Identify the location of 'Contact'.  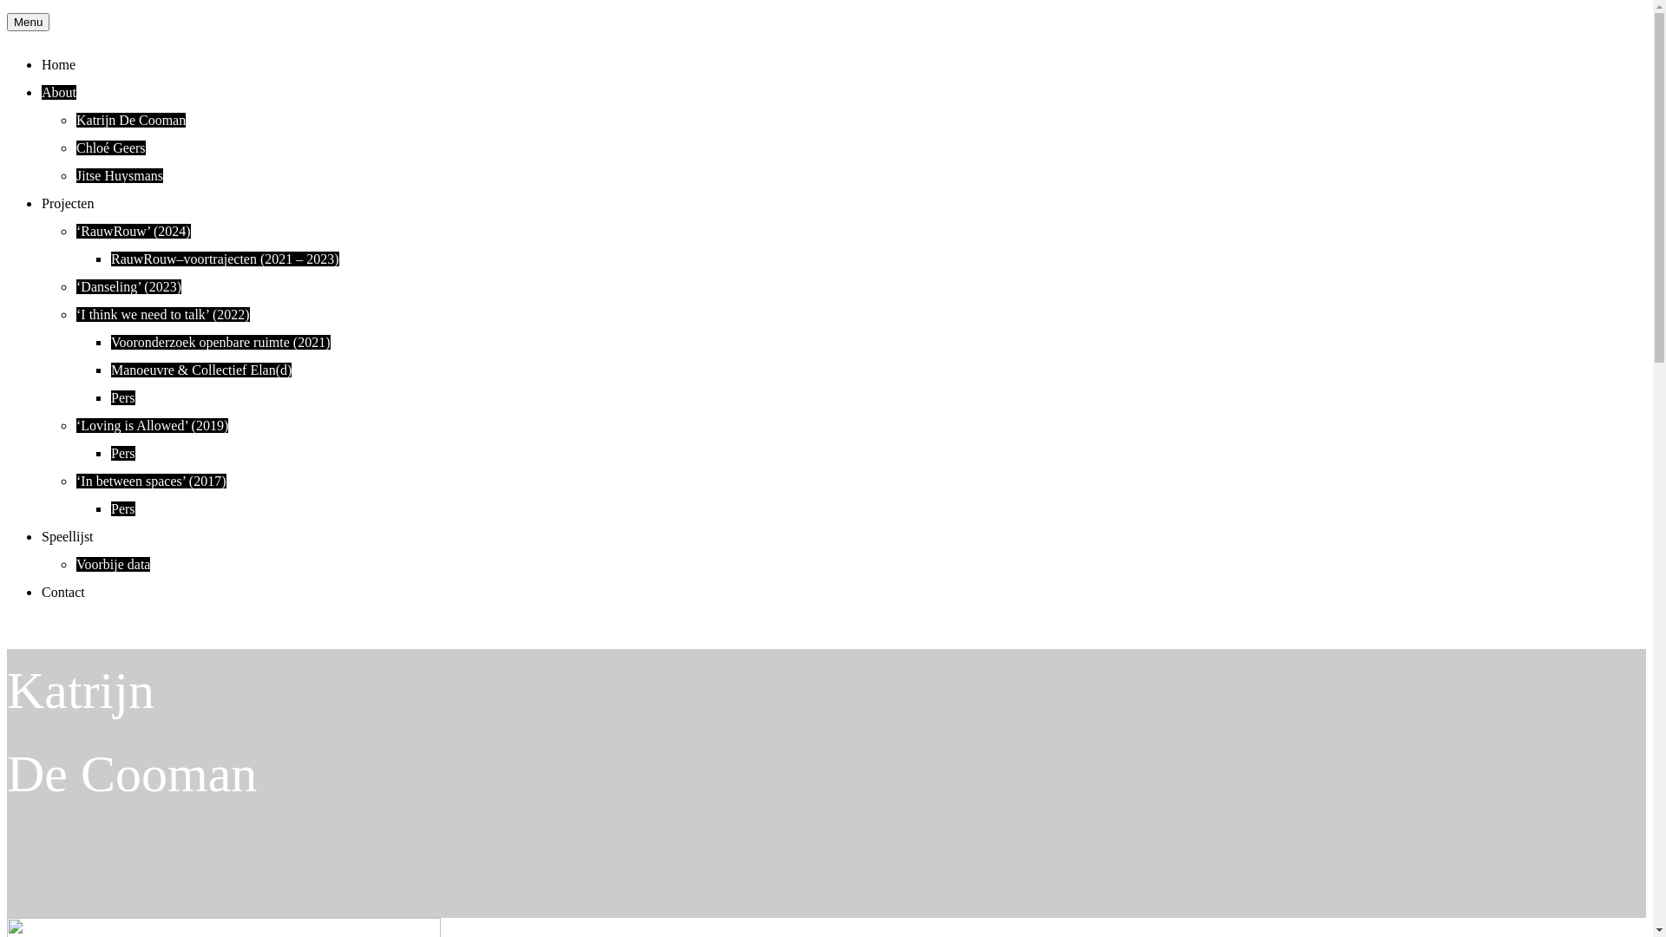
(62, 591).